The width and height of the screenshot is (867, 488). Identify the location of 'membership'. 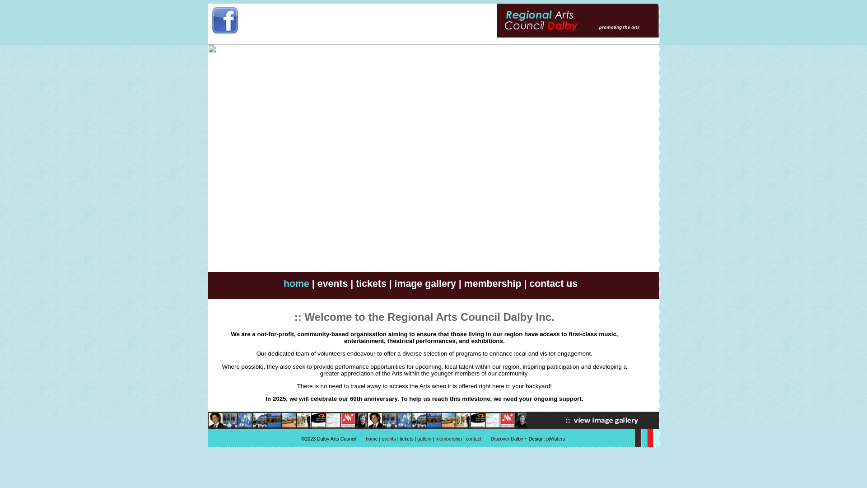
(448, 438).